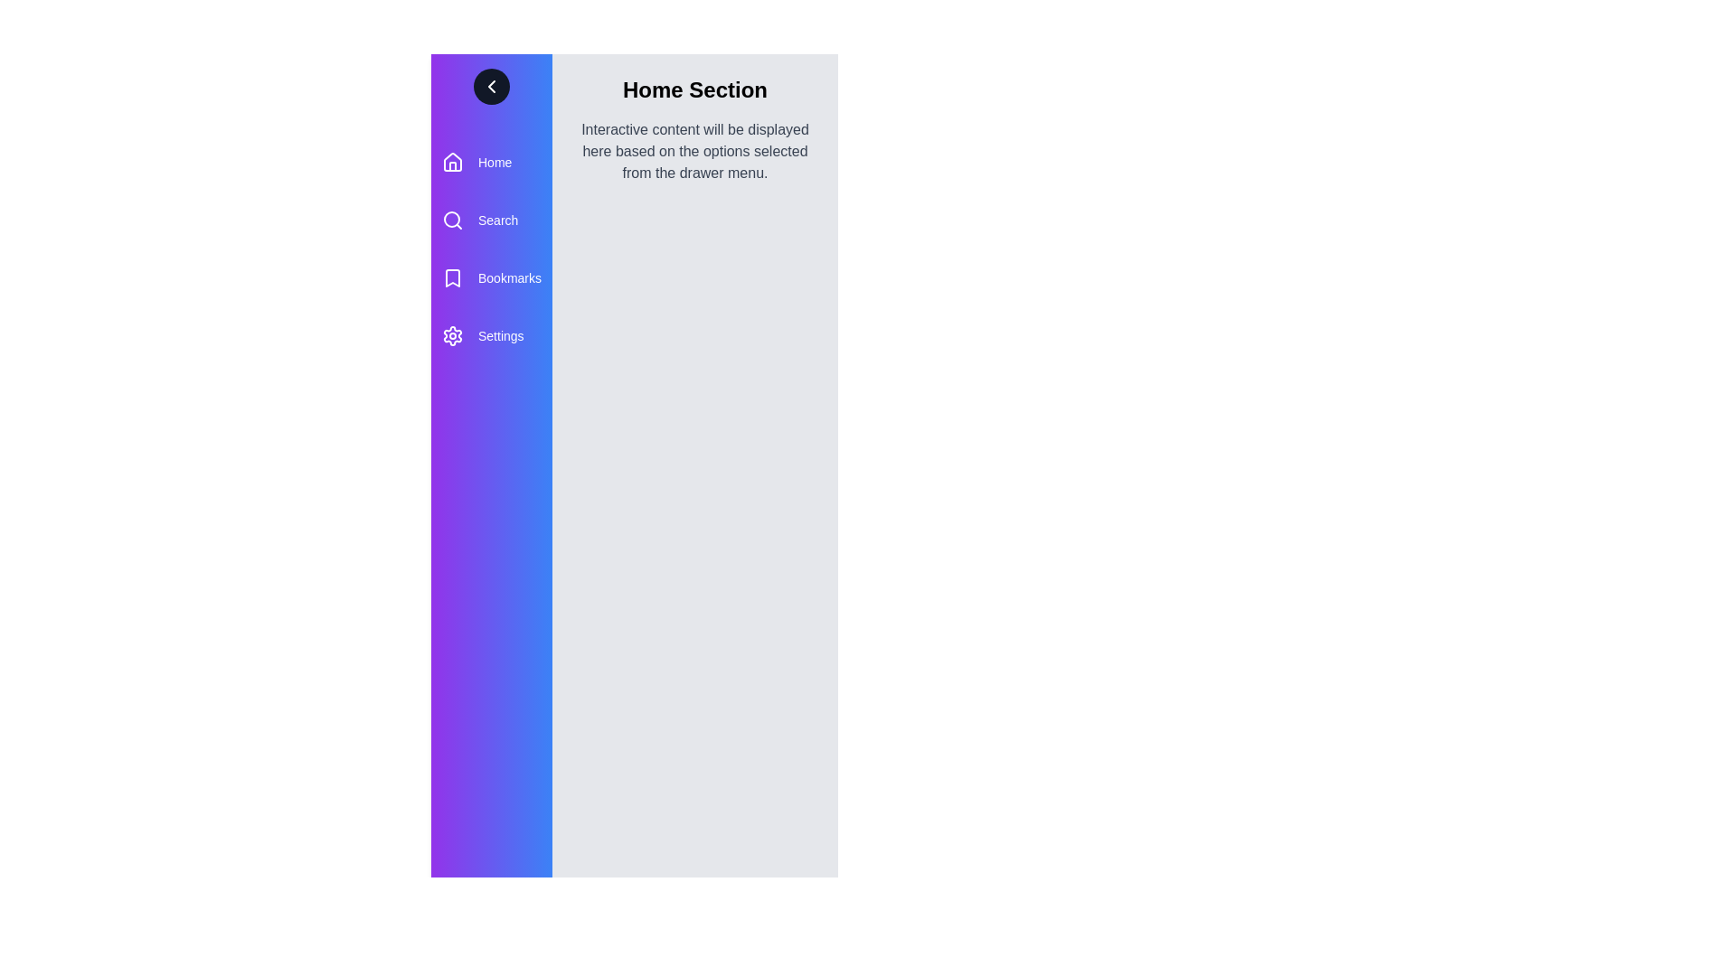 Image resolution: width=1736 pixels, height=976 pixels. Describe the element at coordinates (452, 163) in the screenshot. I see `the menu item Home to check its associated icon` at that location.